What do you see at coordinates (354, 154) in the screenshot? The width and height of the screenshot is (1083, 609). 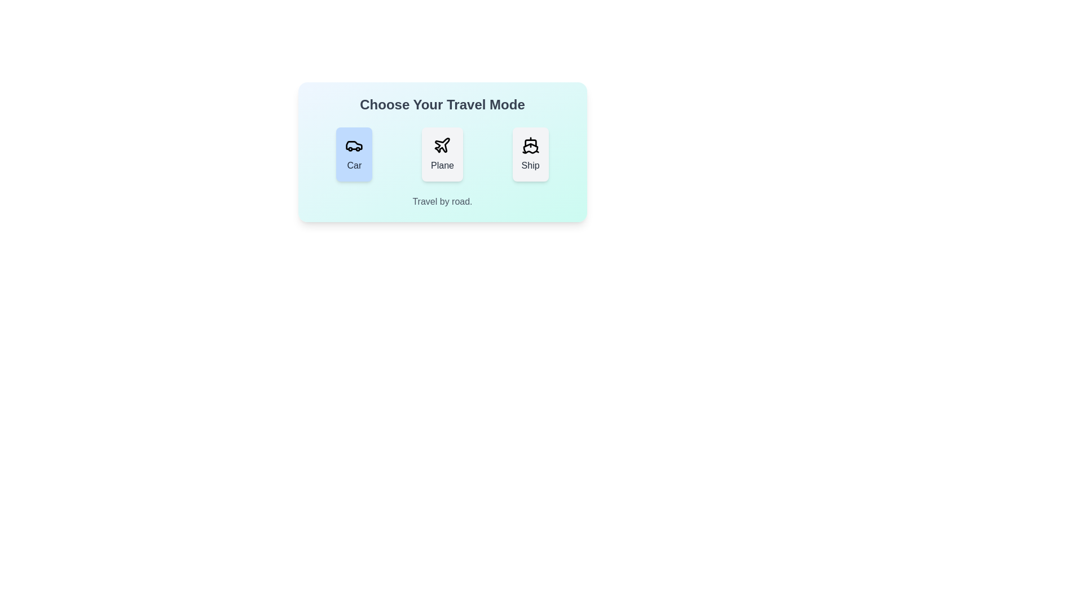 I see `the travel mode button for Car` at bounding box center [354, 154].